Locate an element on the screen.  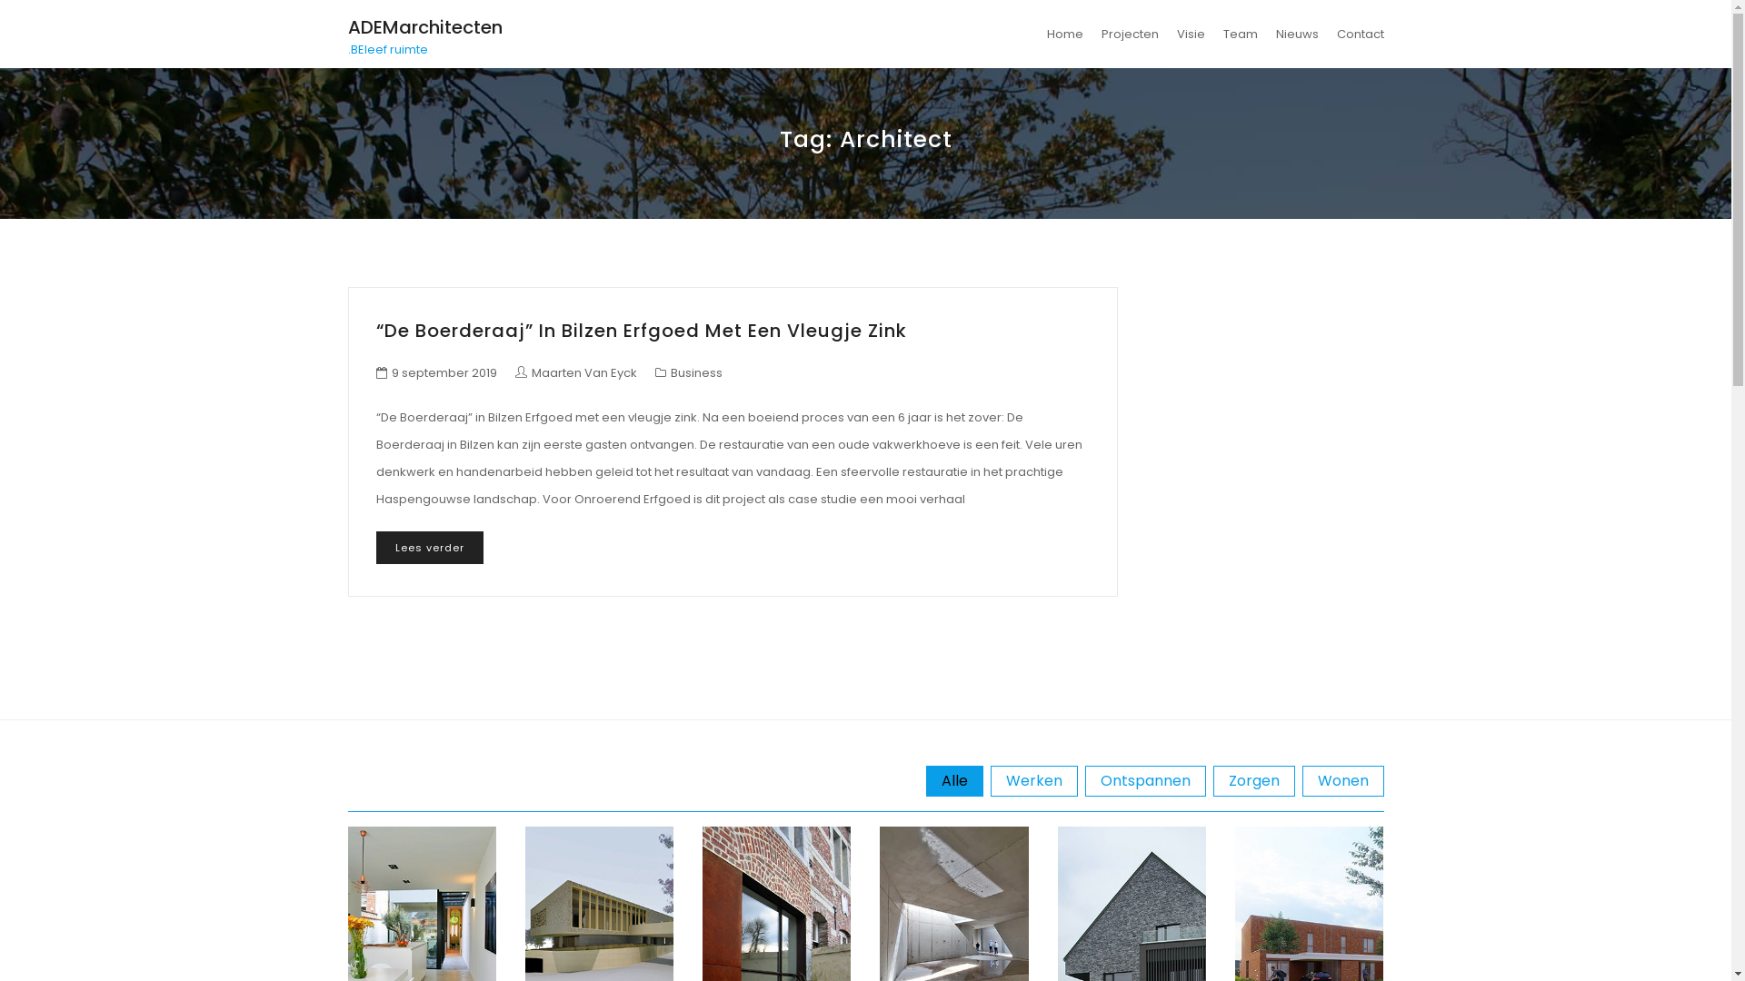
'Projecten' is located at coordinates (1129, 34).